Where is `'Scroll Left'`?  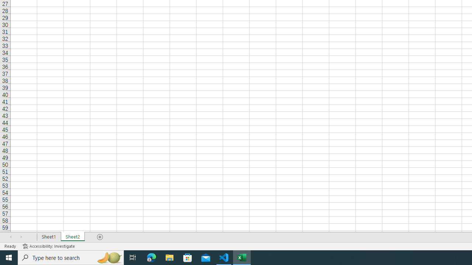 'Scroll Left' is located at coordinates (11, 237).